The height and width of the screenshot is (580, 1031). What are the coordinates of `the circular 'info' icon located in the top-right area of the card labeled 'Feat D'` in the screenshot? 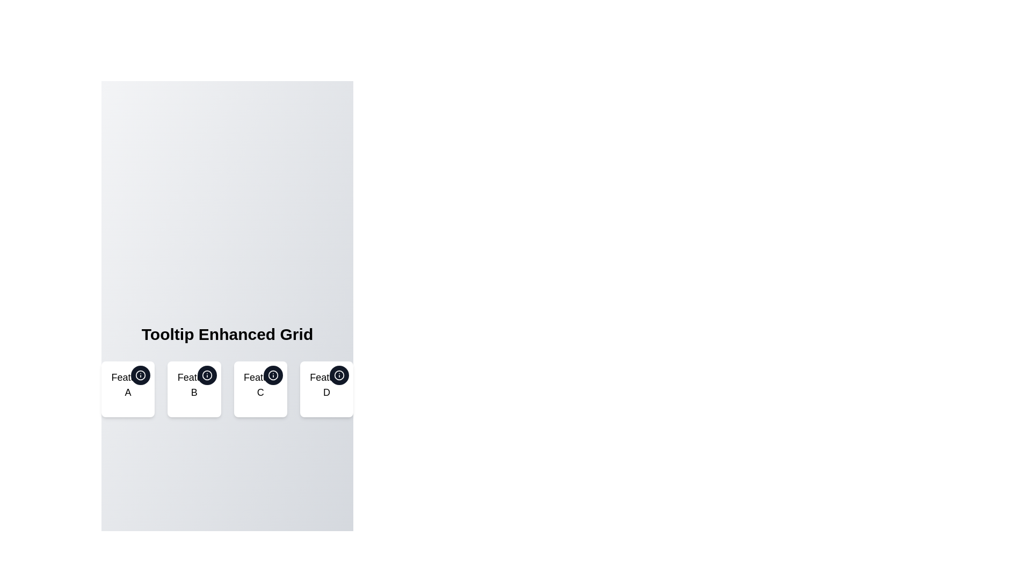 It's located at (339, 374).